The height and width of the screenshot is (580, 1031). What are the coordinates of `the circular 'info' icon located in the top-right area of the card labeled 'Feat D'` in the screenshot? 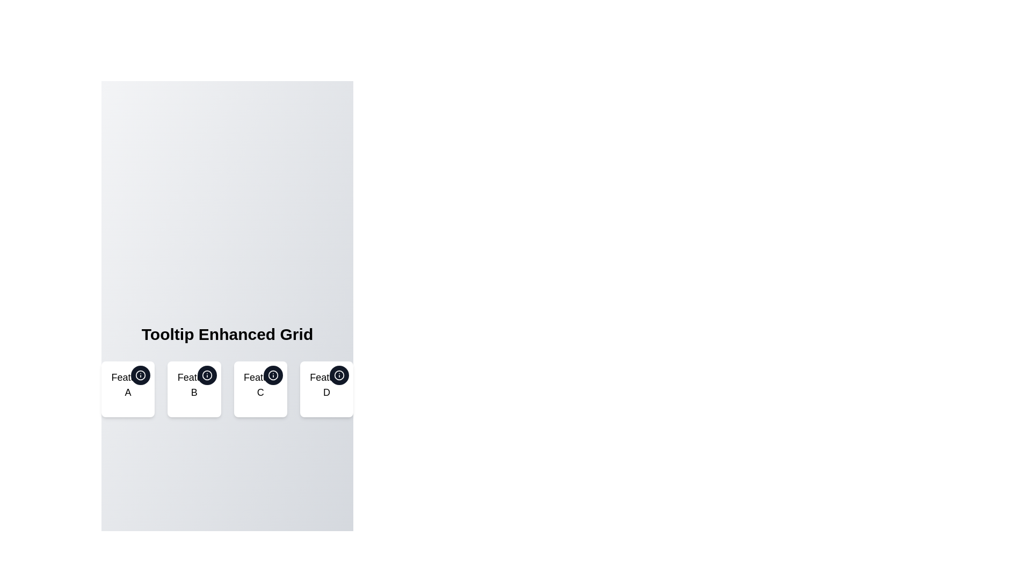 It's located at (339, 374).